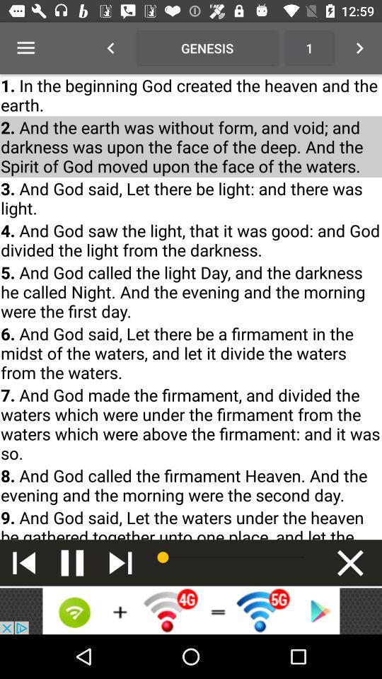 This screenshot has width=382, height=679. I want to click on the pause icon, so click(72, 562).